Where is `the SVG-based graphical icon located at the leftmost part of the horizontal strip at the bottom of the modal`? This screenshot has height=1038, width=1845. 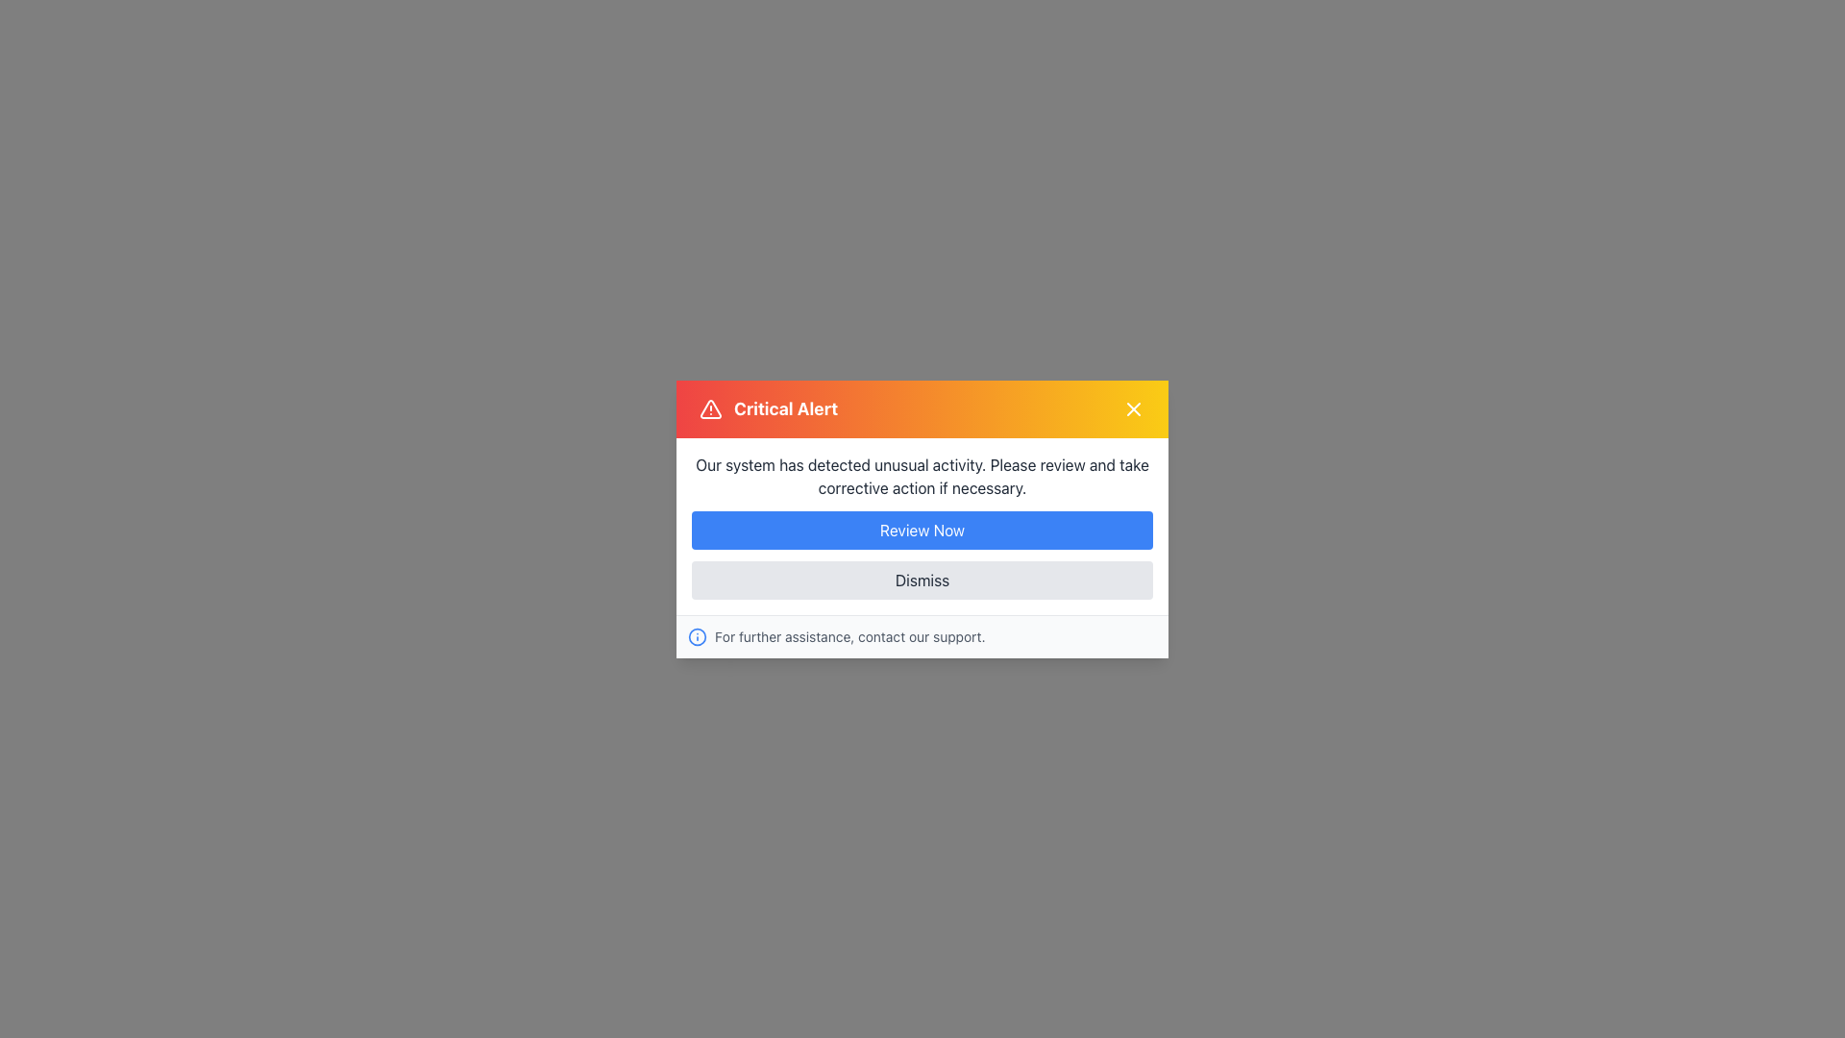
the SVG-based graphical icon located at the leftmost part of the horizontal strip at the bottom of the modal is located at coordinates (696, 636).